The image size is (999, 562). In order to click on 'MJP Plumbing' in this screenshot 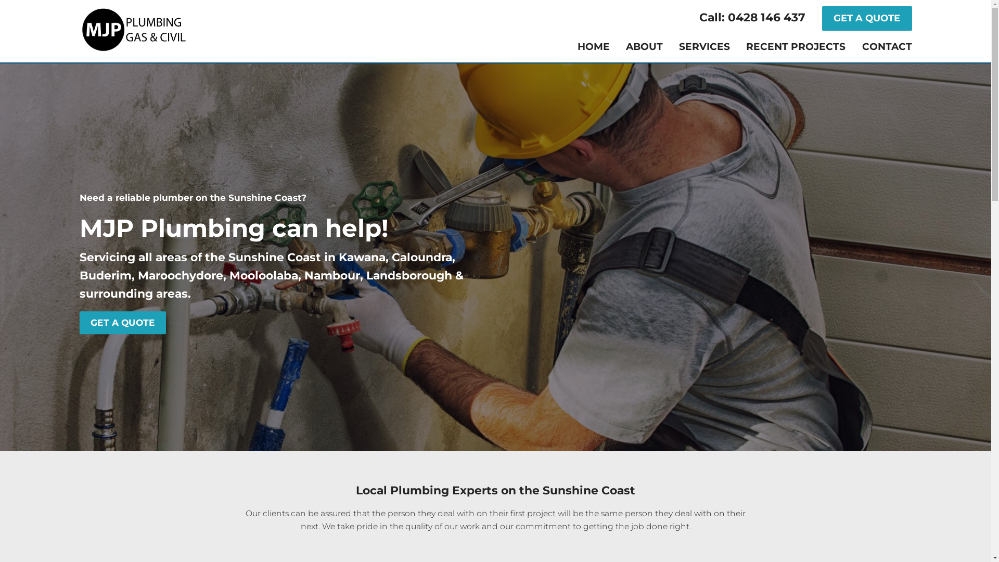, I will do `click(132, 29)`.